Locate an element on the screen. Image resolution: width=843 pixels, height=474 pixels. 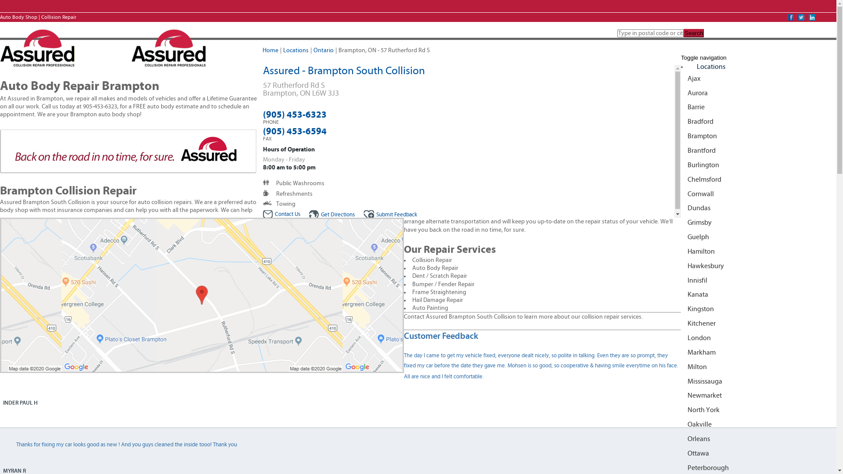
'(905) 453-6594' is located at coordinates (294, 131).